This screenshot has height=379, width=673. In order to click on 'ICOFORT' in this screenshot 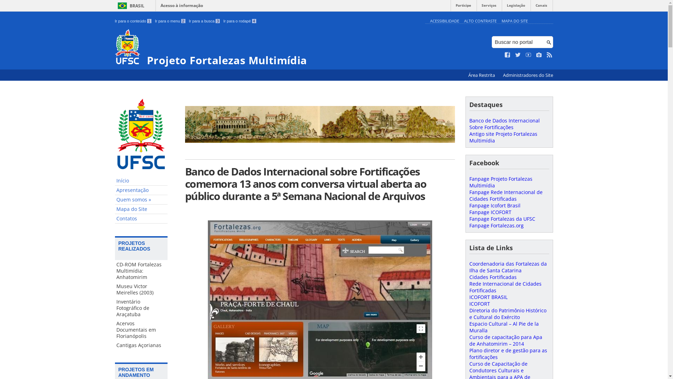, I will do `click(479, 303)`.